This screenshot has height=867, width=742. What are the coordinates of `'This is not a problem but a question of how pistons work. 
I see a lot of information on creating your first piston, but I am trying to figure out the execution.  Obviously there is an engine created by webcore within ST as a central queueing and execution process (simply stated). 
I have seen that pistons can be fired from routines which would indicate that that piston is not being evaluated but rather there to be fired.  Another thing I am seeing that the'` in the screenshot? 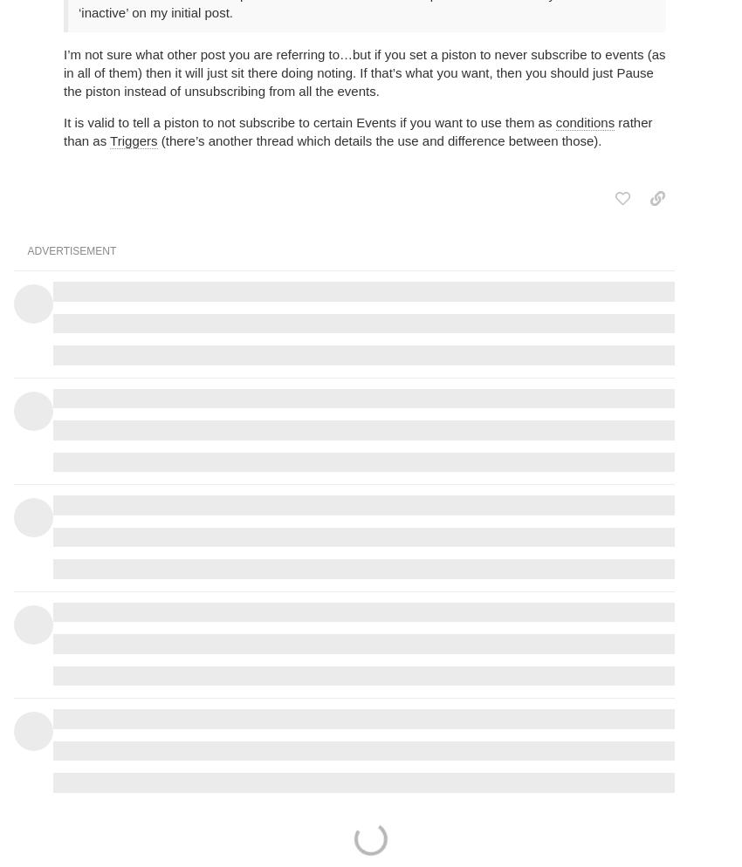 It's located at (363, 479).